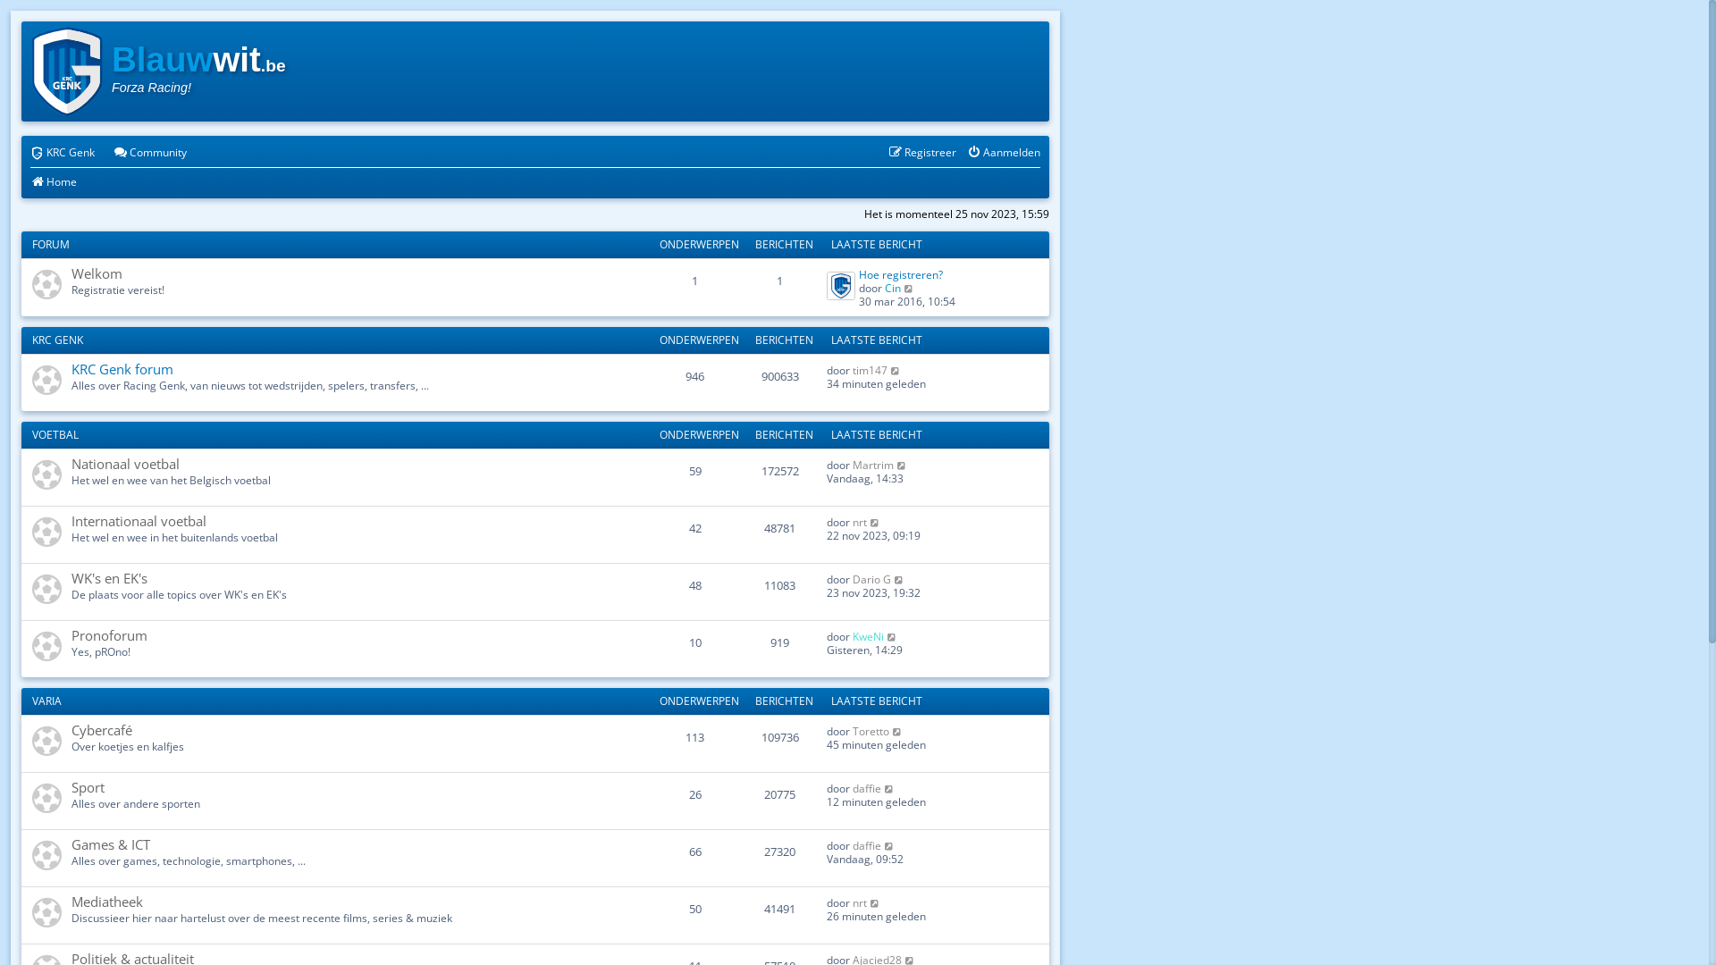 This screenshot has width=1716, height=965. Describe the element at coordinates (108, 578) in the screenshot. I see `'WK's en EK's'` at that location.